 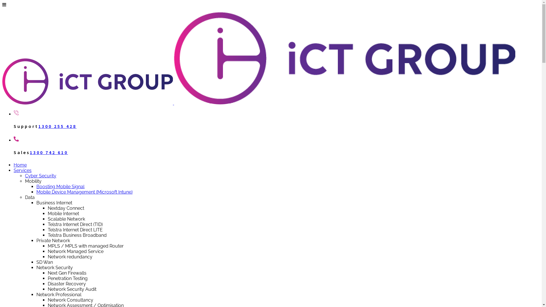 I want to click on 'Mobile Internet', so click(x=63, y=213).